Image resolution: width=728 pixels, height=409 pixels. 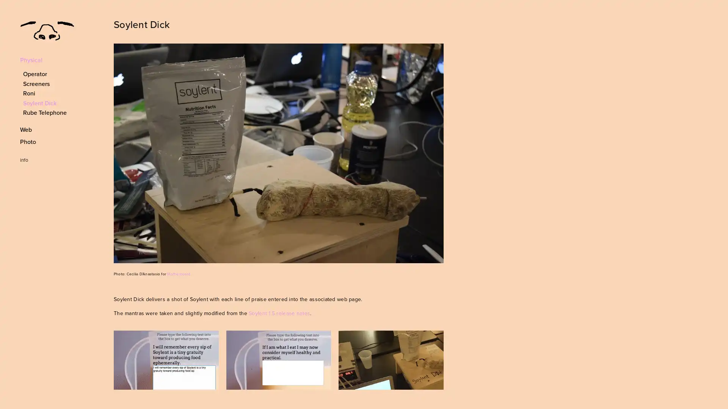 What do you see at coordinates (165, 359) in the screenshot?
I see `View fullsize soylent-dick-nicole.gif` at bounding box center [165, 359].